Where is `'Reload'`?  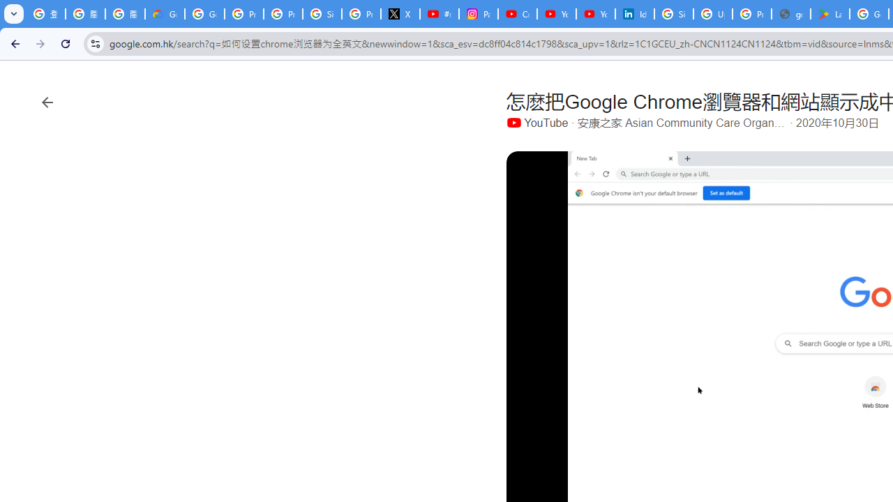 'Reload' is located at coordinates (65, 43).